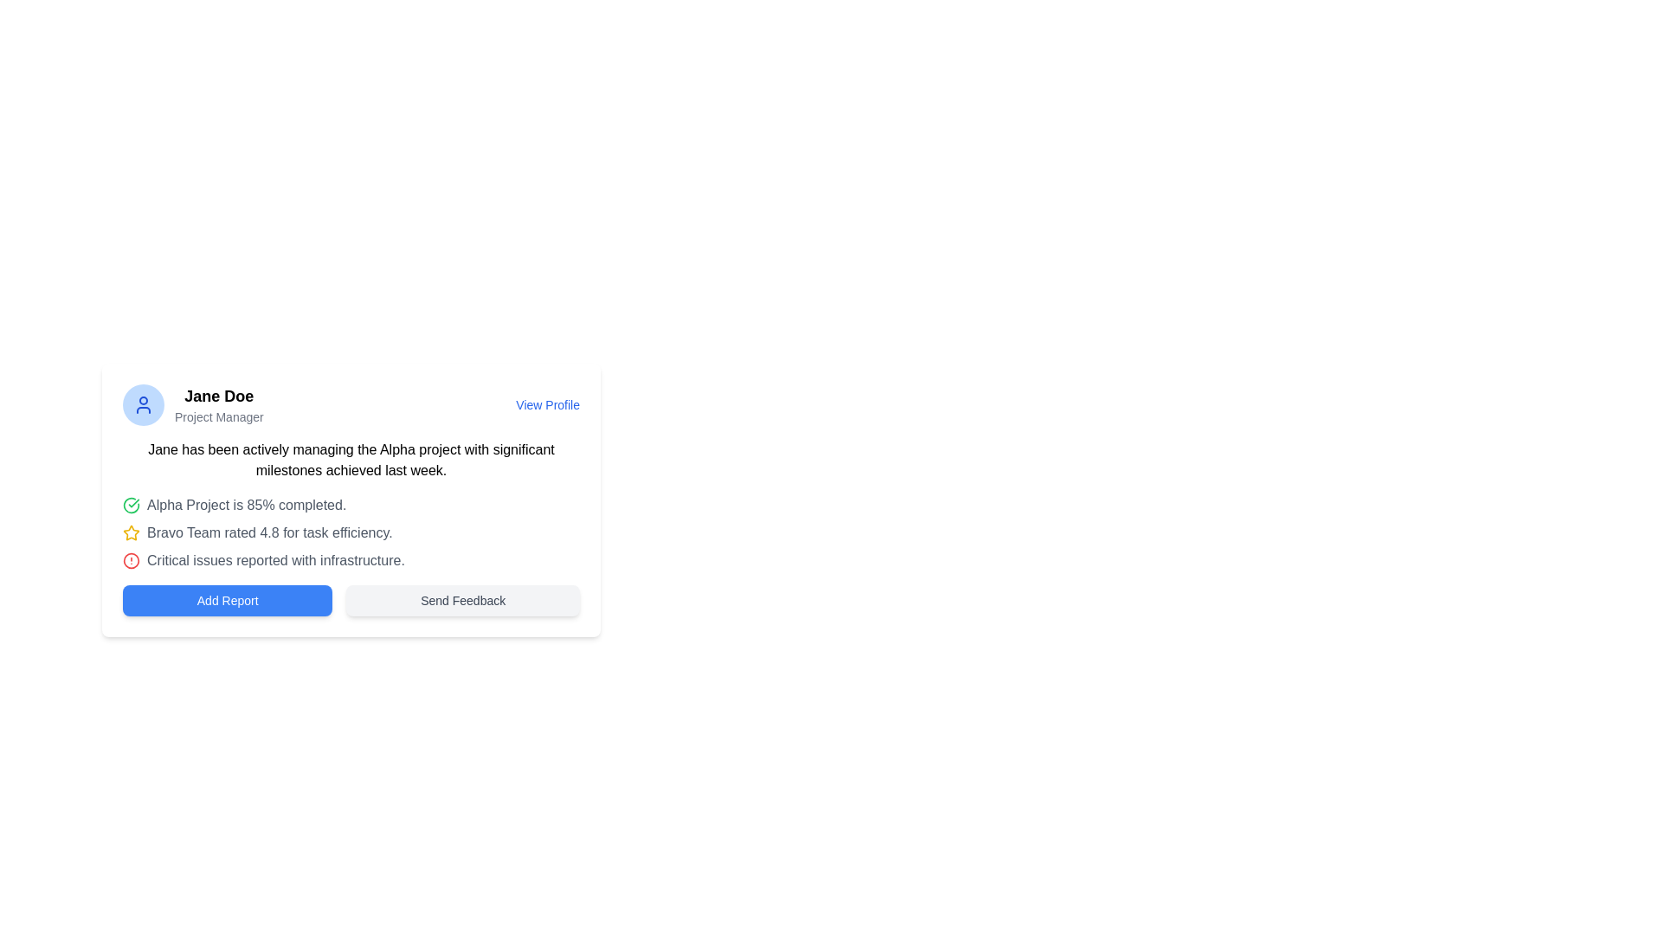  Describe the element at coordinates (268, 532) in the screenshot. I see `the text label that conveys the performance rating of 'Bravo Team', positioned below 'Alpha Project is 85% completed.' and above 'Critical issues reported with infrastructure.'` at that location.